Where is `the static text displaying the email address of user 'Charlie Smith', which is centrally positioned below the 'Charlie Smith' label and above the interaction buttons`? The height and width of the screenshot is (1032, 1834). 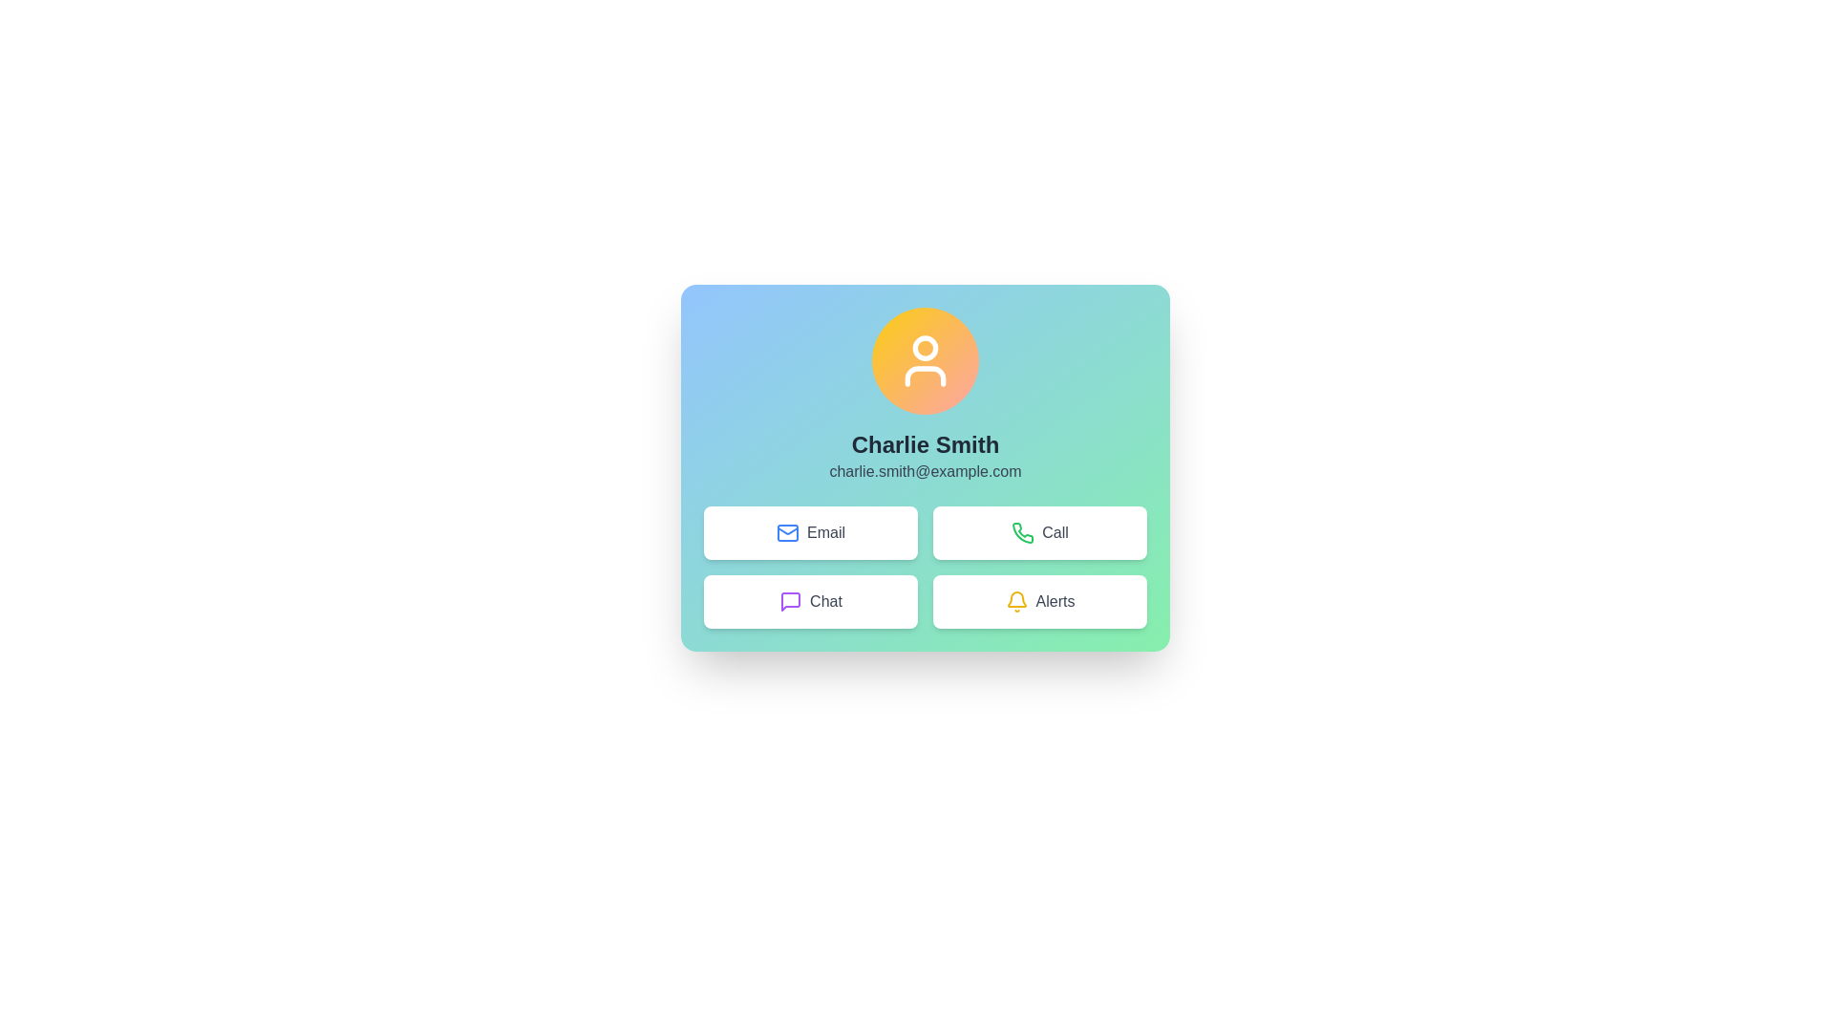
the static text displaying the email address of user 'Charlie Smith', which is centrally positioned below the 'Charlie Smith' label and above the interaction buttons is located at coordinates (926, 471).